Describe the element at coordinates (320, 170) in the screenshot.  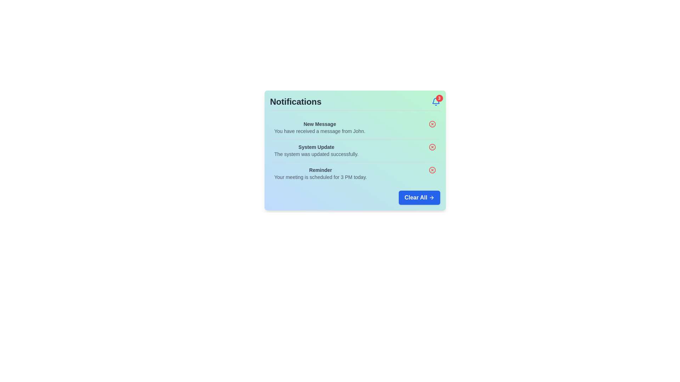
I see `the 'Reminder' label` at that location.